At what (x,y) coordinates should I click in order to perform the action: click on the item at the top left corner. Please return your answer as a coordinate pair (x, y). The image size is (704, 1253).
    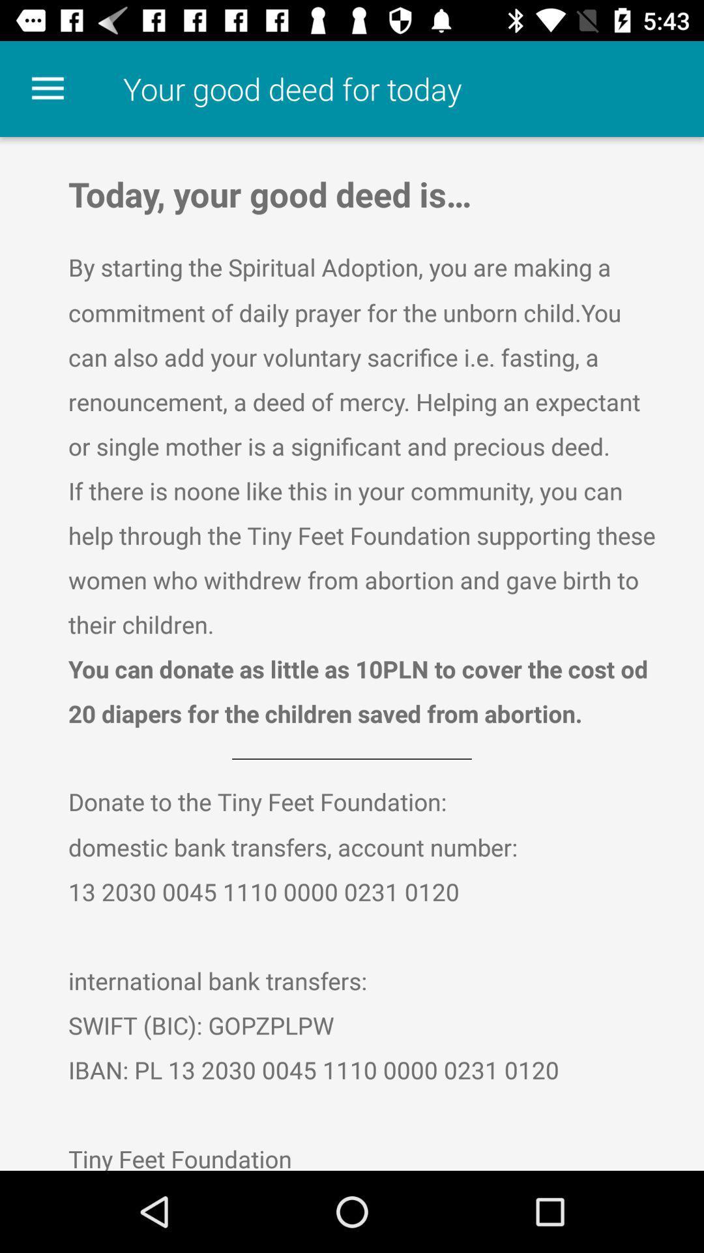
    Looking at the image, I should click on (47, 88).